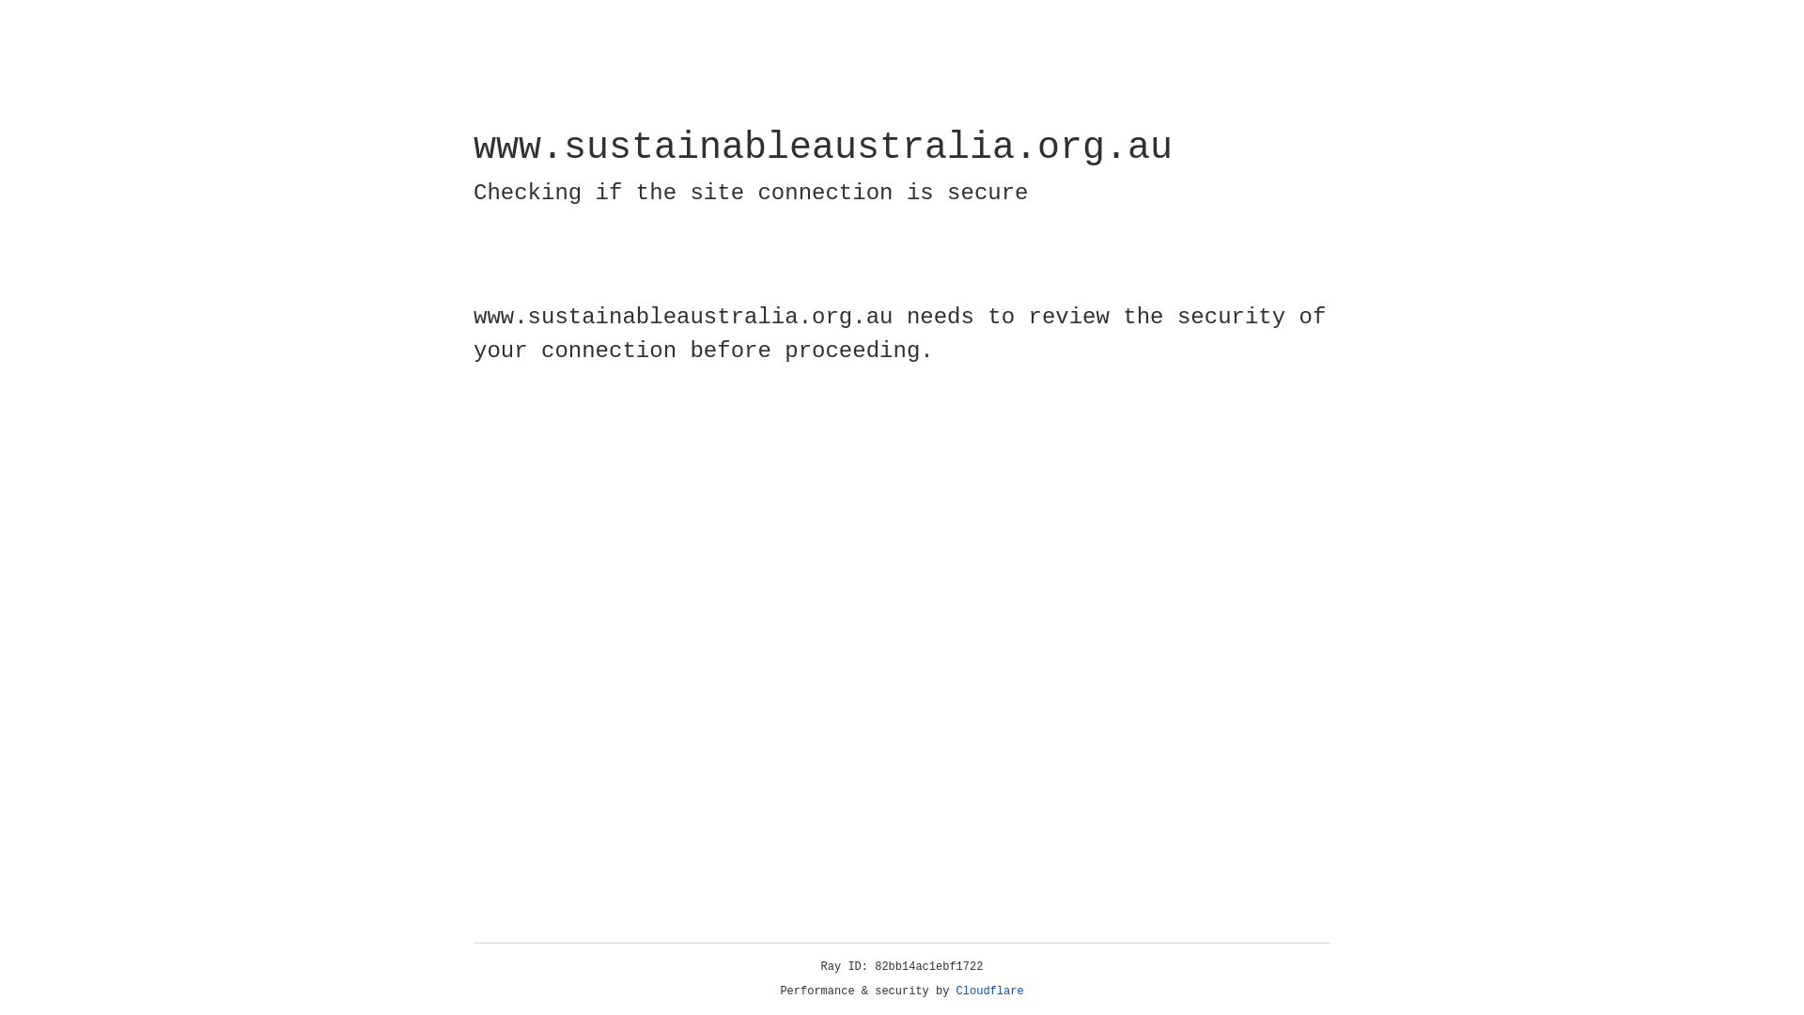 This screenshot has width=1804, height=1015. What do you see at coordinates (989, 991) in the screenshot?
I see `'Cloudflare'` at bounding box center [989, 991].